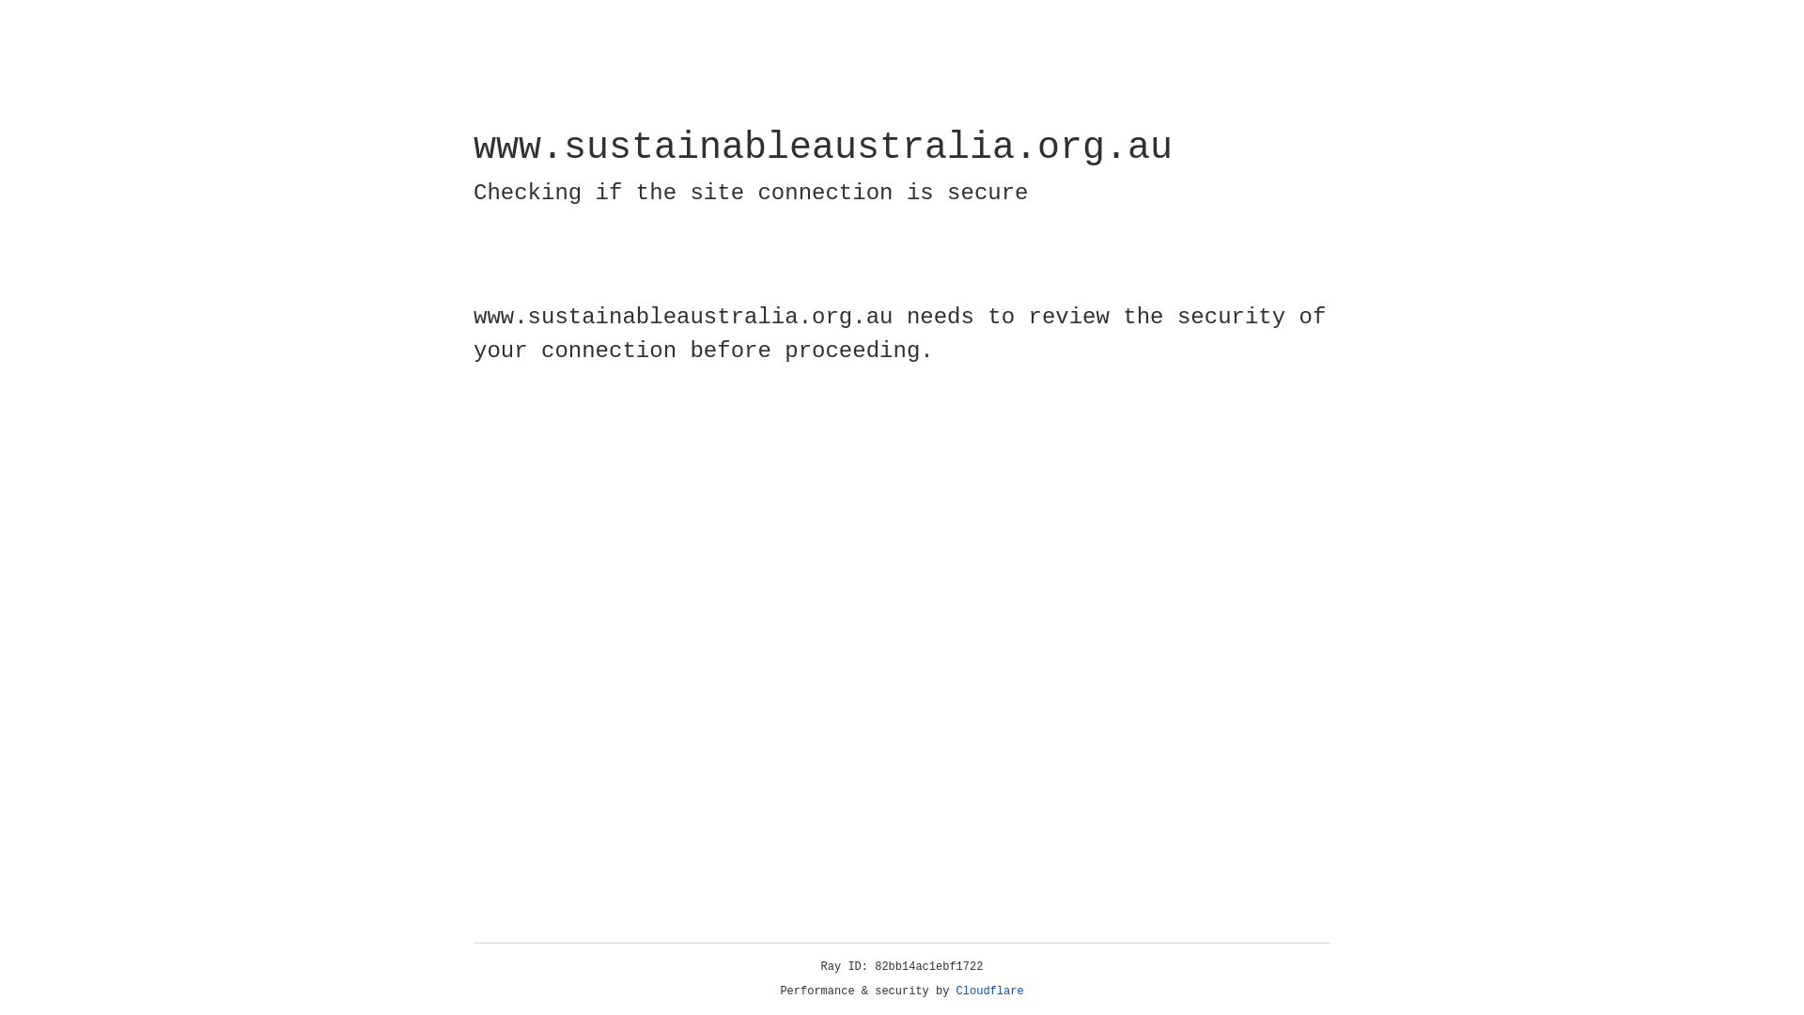 This screenshot has width=1804, height=1015. What do you see at coordinates (989, 991) in the screenshot?
I see `'Cloudflare'` at bounding box center [989, 991].